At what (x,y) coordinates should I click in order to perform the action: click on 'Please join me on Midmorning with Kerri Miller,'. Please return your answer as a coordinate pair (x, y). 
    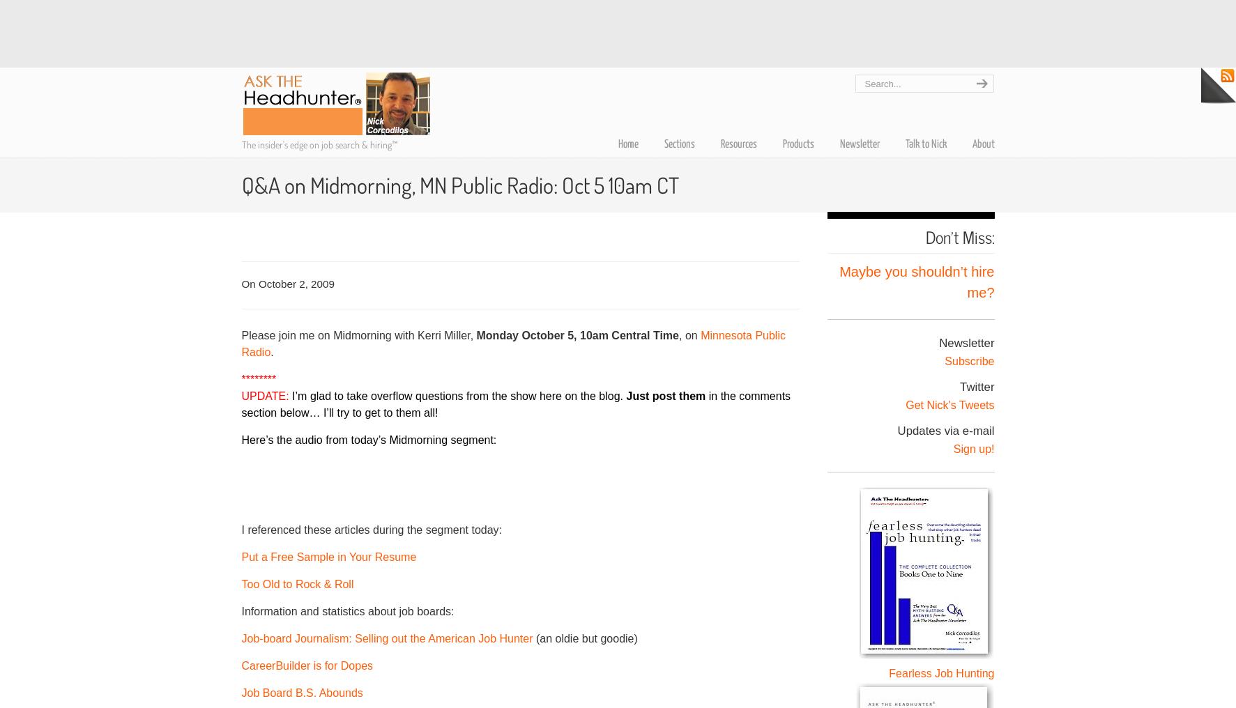
    Looking at the image, I should click on (241, 334).